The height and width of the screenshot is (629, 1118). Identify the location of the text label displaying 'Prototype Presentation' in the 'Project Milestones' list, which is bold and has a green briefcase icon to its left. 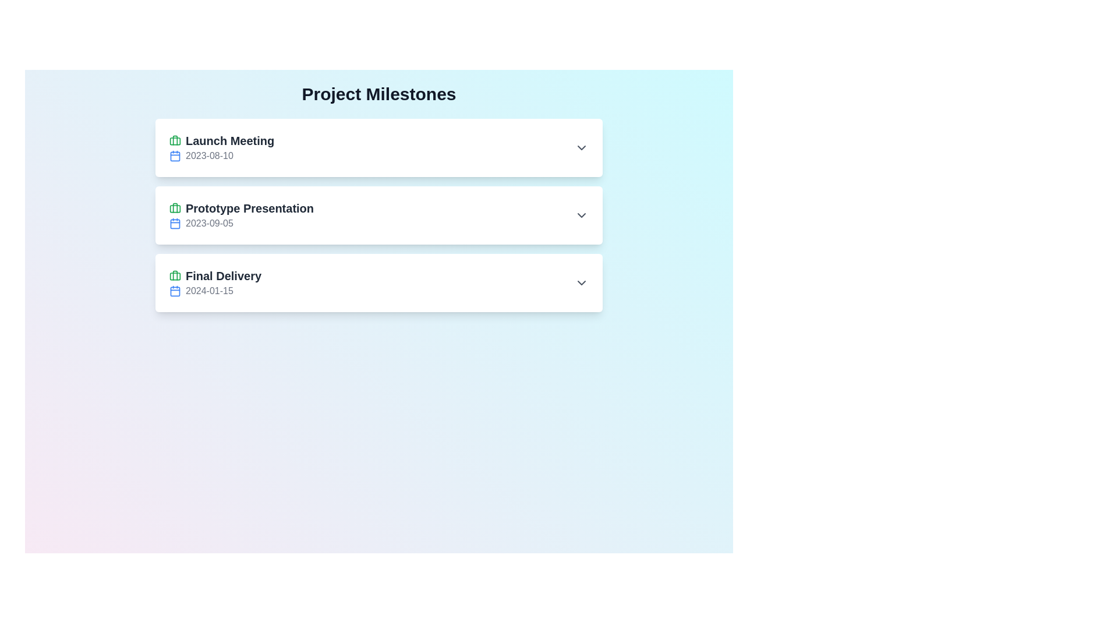
(241, 208).